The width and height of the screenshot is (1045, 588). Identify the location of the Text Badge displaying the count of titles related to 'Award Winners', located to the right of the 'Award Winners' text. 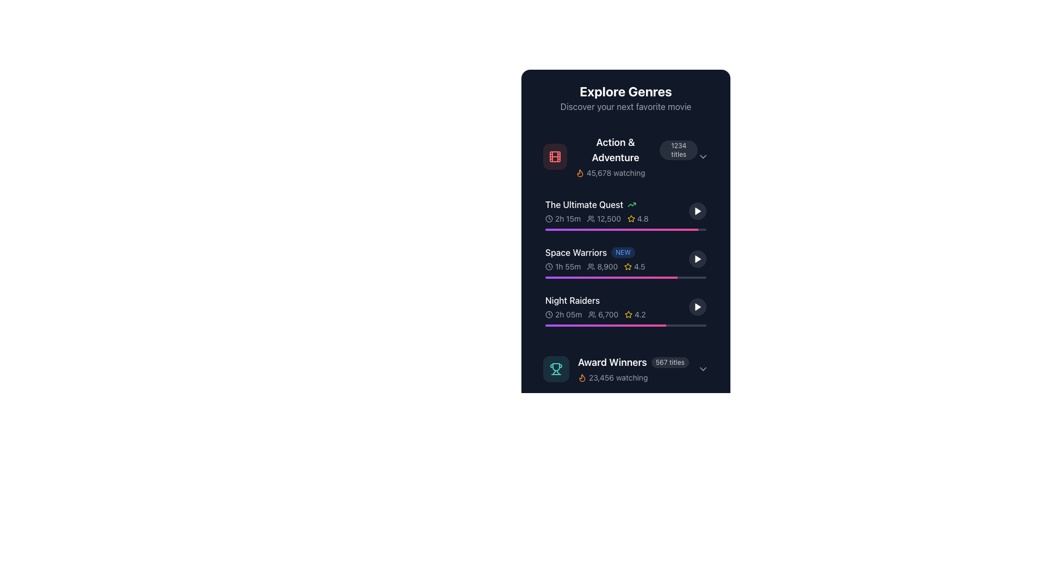
(669, 363).